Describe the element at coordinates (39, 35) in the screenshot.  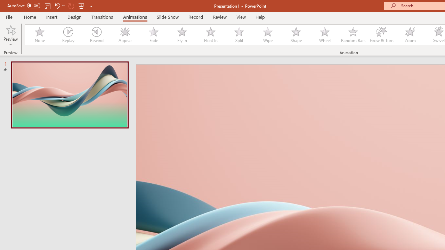
I see `'None'` at that location.